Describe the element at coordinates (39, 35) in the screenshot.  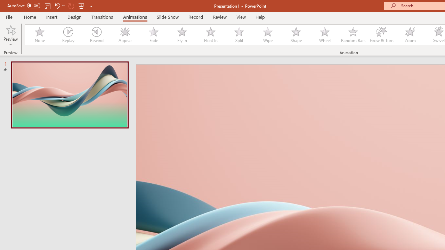
I see `'None'` at that location.